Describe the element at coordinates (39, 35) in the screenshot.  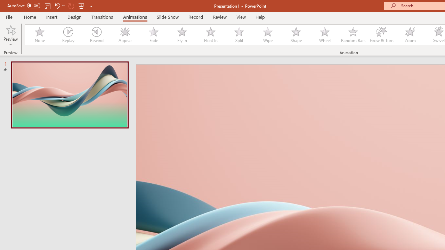
I see `'None'` at that location.